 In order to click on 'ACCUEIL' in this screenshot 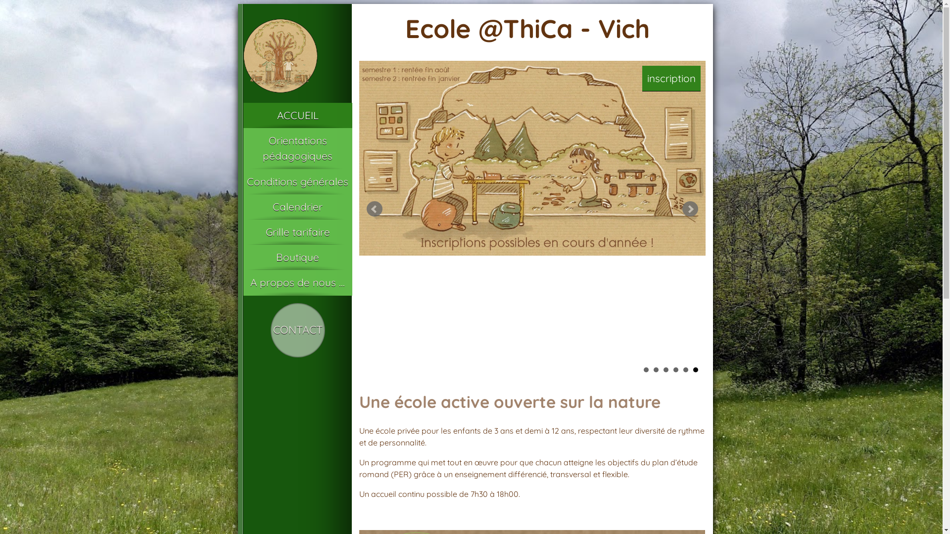, I will do `click(297, 115)`.